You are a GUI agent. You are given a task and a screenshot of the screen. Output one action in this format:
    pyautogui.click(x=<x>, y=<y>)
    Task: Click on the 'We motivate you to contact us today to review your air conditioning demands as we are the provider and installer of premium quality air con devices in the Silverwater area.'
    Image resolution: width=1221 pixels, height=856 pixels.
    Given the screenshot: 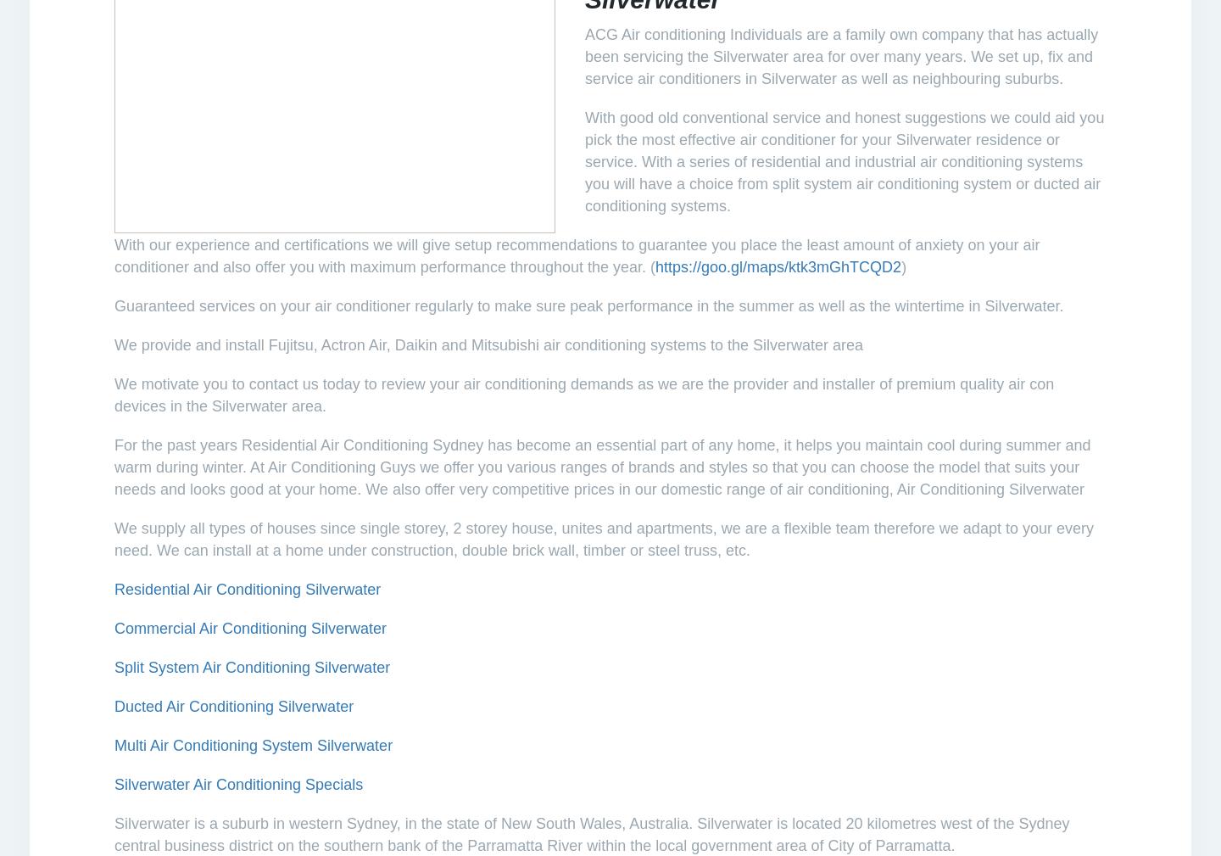 What is the action you would take?
    pyautogui.click(x=584, y=394)
    